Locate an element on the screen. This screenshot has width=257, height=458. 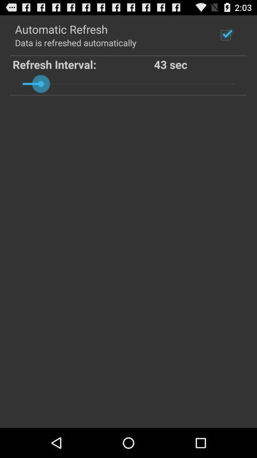
item next to 43 sec item is located at coordinates (83, 63).